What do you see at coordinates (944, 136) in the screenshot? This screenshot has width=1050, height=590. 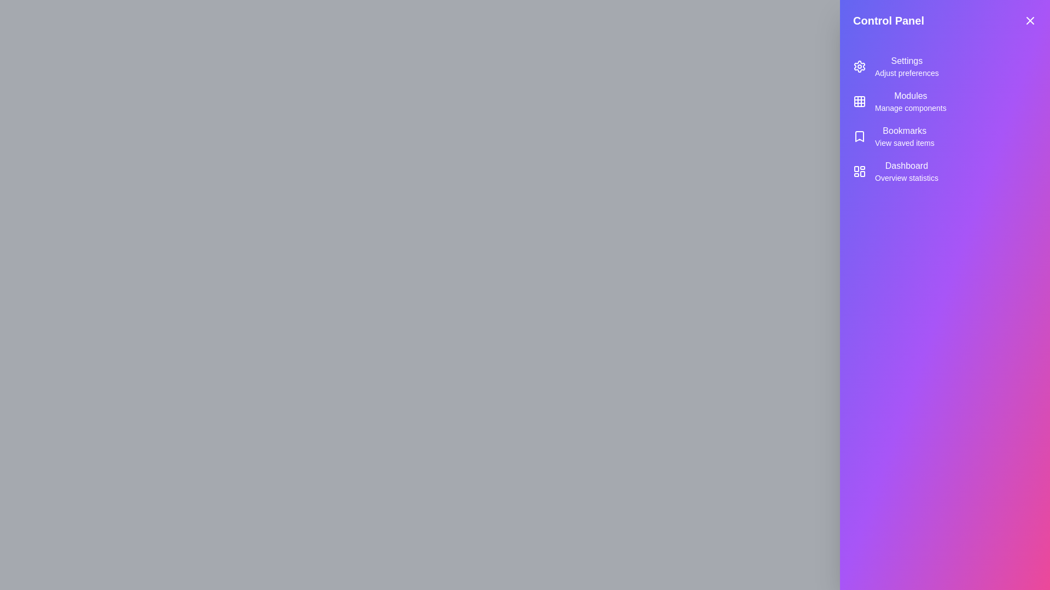 I see `the third item in the sidebar menu, which provides access to bookmarked or saved items` at bounding box center [944, 136].